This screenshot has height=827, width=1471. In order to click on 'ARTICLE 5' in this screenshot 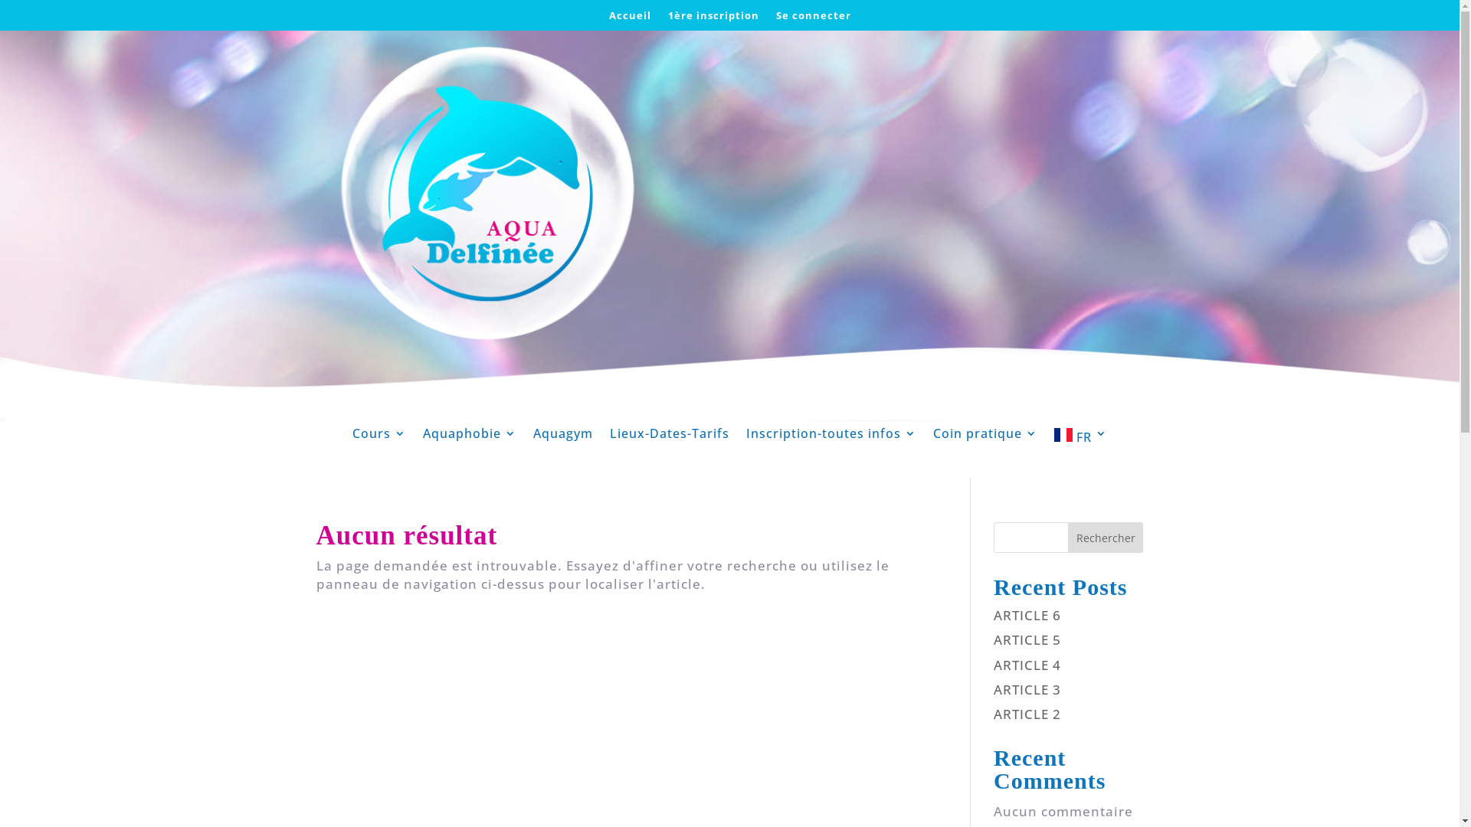, I will do `click(1027, 639)`.